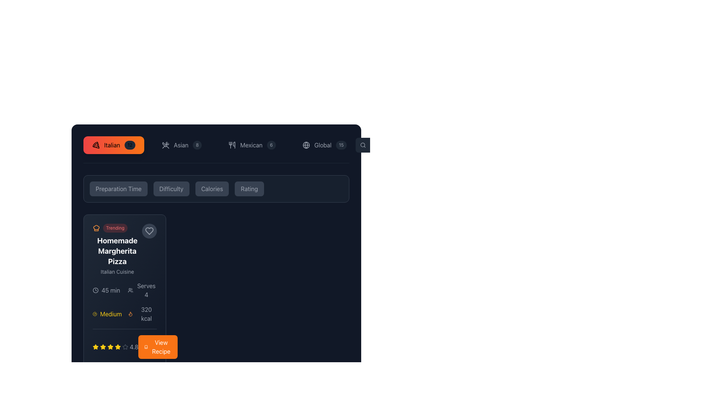  I want to click on the non-interactive badge indicating the count associated with the 'Italian' category, located to the right of the 'Italian' text in a rounded rectangular button, so click(130, 145).